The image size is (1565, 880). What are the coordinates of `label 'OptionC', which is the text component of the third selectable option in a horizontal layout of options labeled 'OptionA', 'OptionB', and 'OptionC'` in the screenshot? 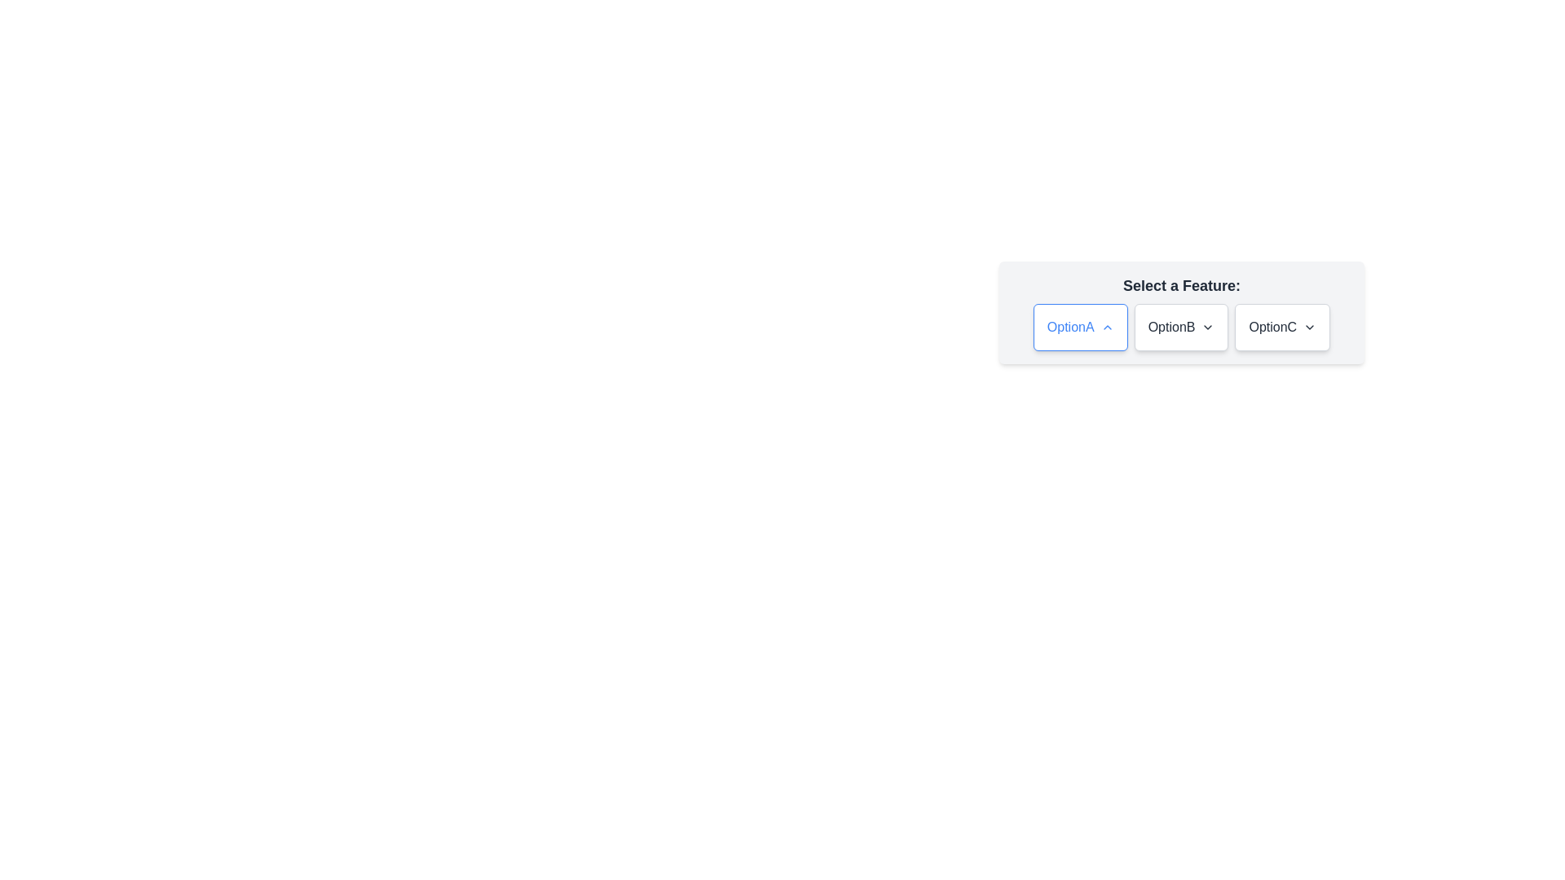 It's located at (1272, 327).